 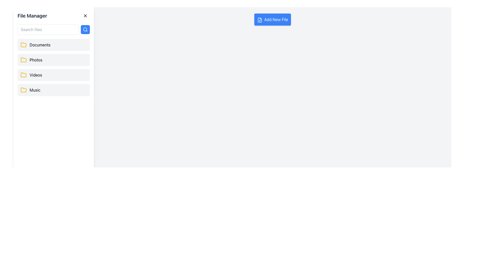 What do you see at coordinates (23, 59) in the screenshot?
I see `the 'Photos' icon in the file manager navigation panel, located adjacent to the 'Photos' label` at bounding box center [23, 59].